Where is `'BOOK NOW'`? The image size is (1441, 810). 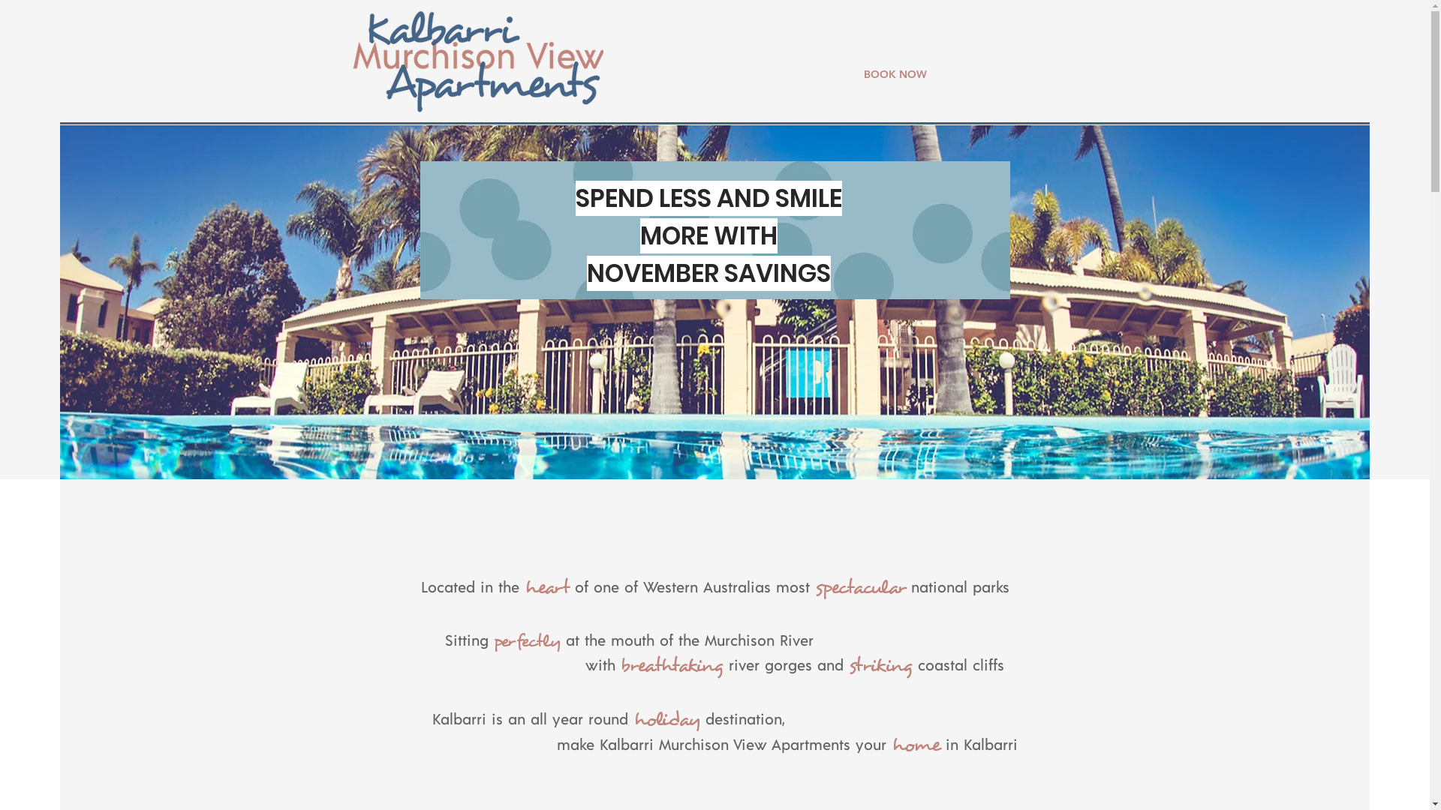 'BOOK NOW' is located at coordinates (894, 74).